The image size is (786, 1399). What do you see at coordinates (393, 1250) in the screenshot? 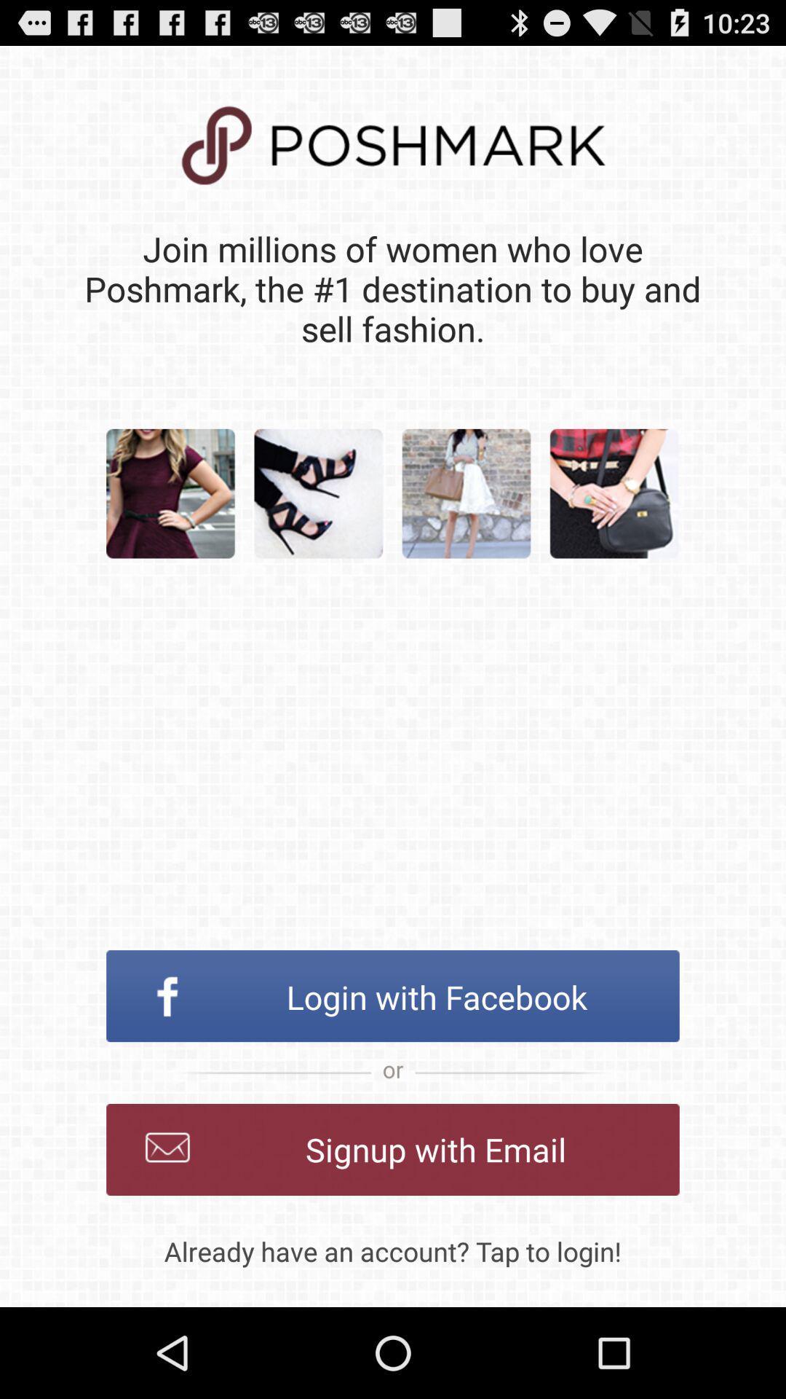
I see `the item below the signup with email icon` at bounding box center [393, 1250].